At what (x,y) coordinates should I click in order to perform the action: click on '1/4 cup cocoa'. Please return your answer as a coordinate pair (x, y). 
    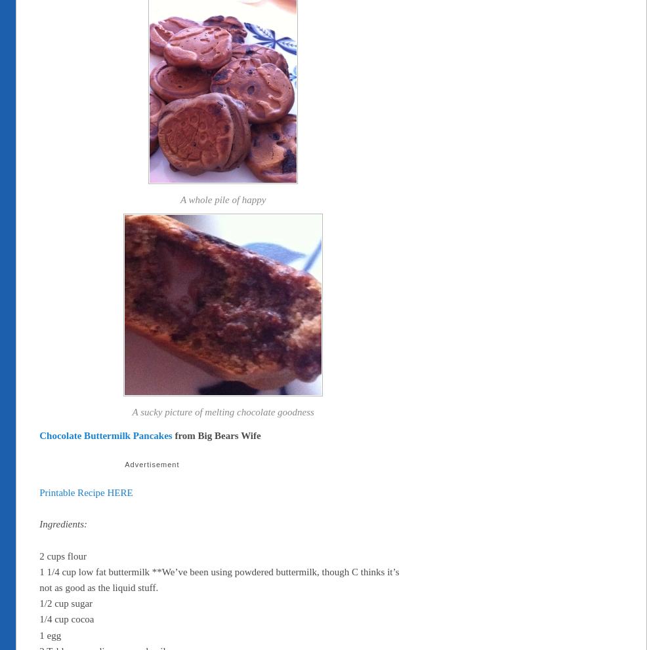
    Looking at the image, I should click on (66, 618).